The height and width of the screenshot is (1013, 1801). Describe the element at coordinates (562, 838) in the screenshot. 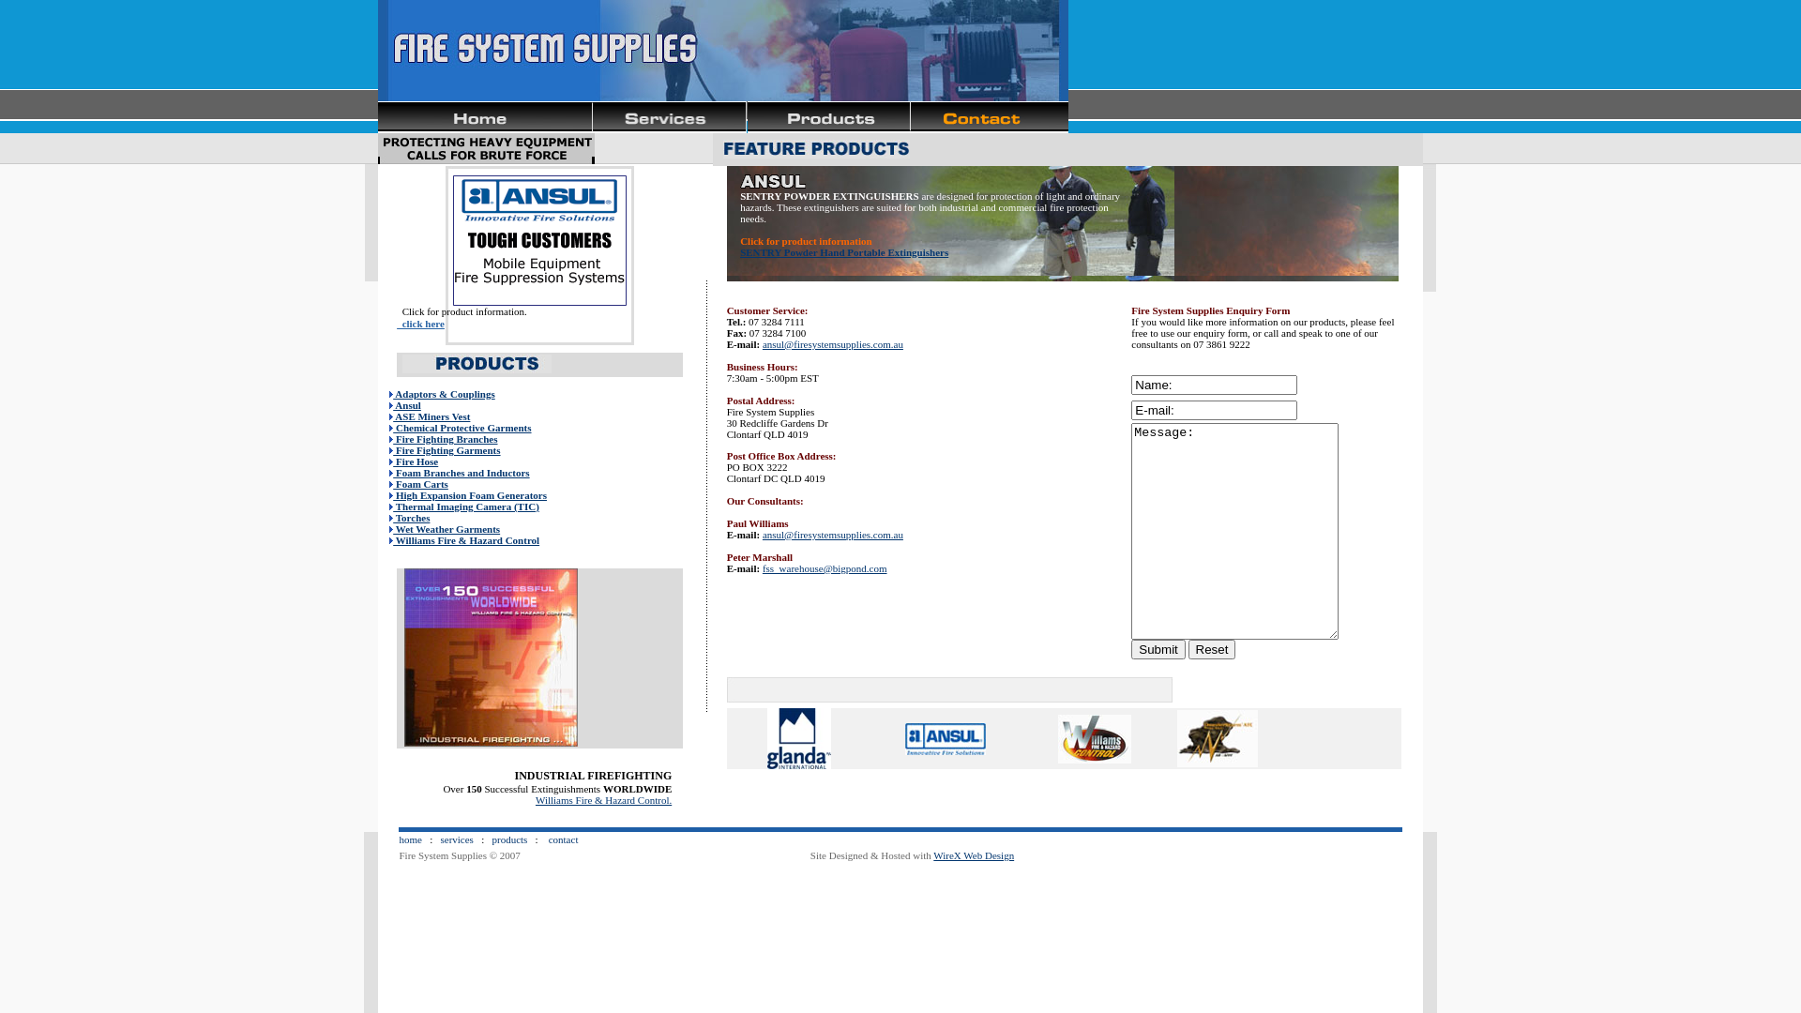

I see `'contact'` at that location.